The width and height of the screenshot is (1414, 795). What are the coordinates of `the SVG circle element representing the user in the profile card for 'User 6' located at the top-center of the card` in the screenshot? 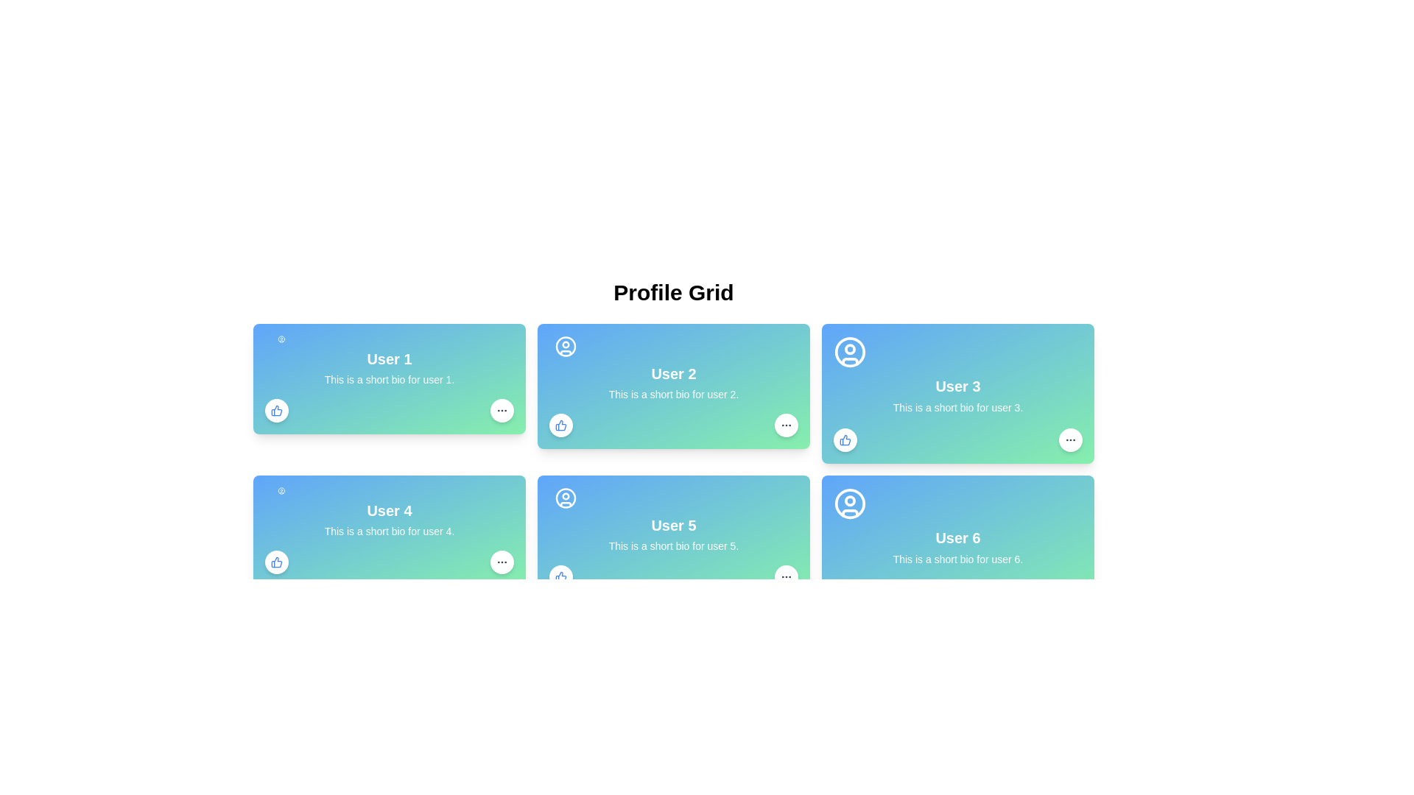 It's located at (850, 503).